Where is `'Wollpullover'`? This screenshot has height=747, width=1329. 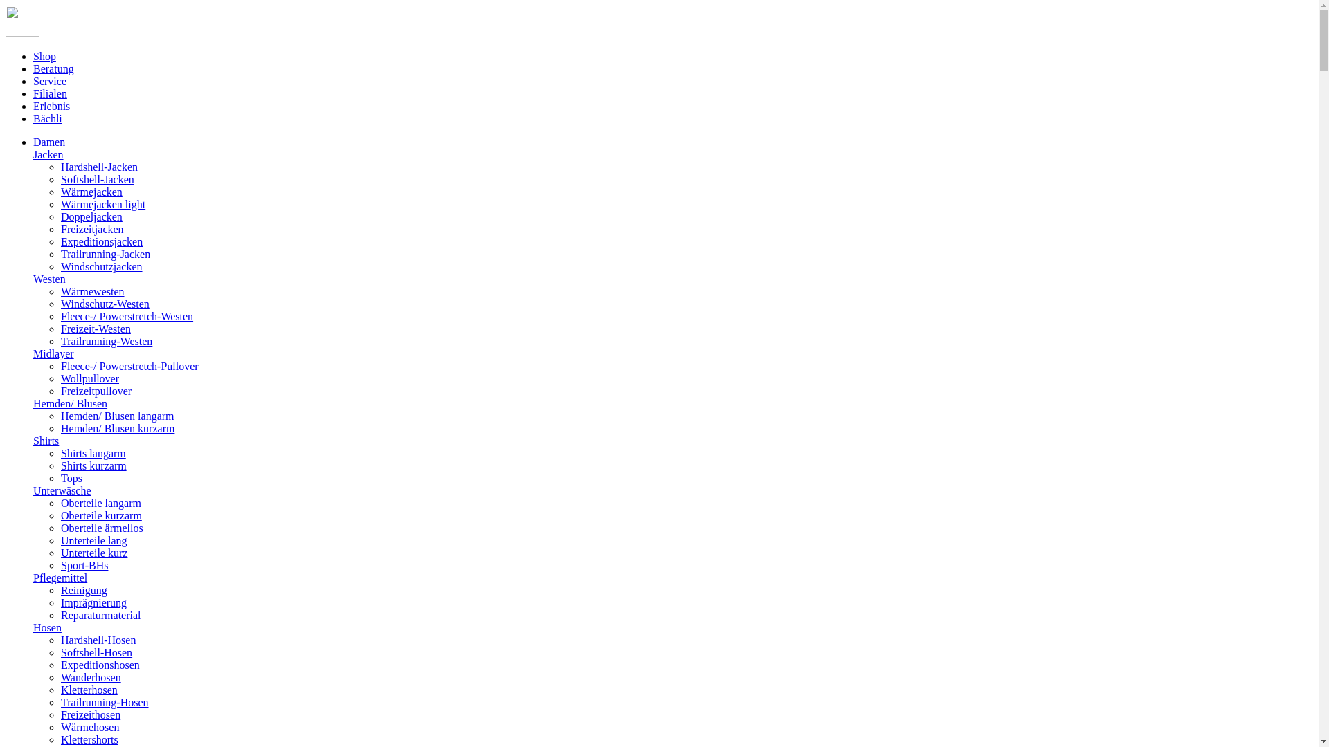 'Wollpullover' is located at coordinates (89, 378).